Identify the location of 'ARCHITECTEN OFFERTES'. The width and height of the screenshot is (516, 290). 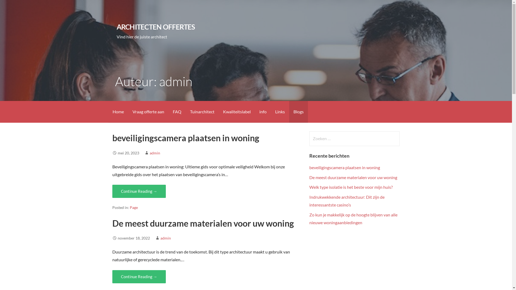
(156, 27).